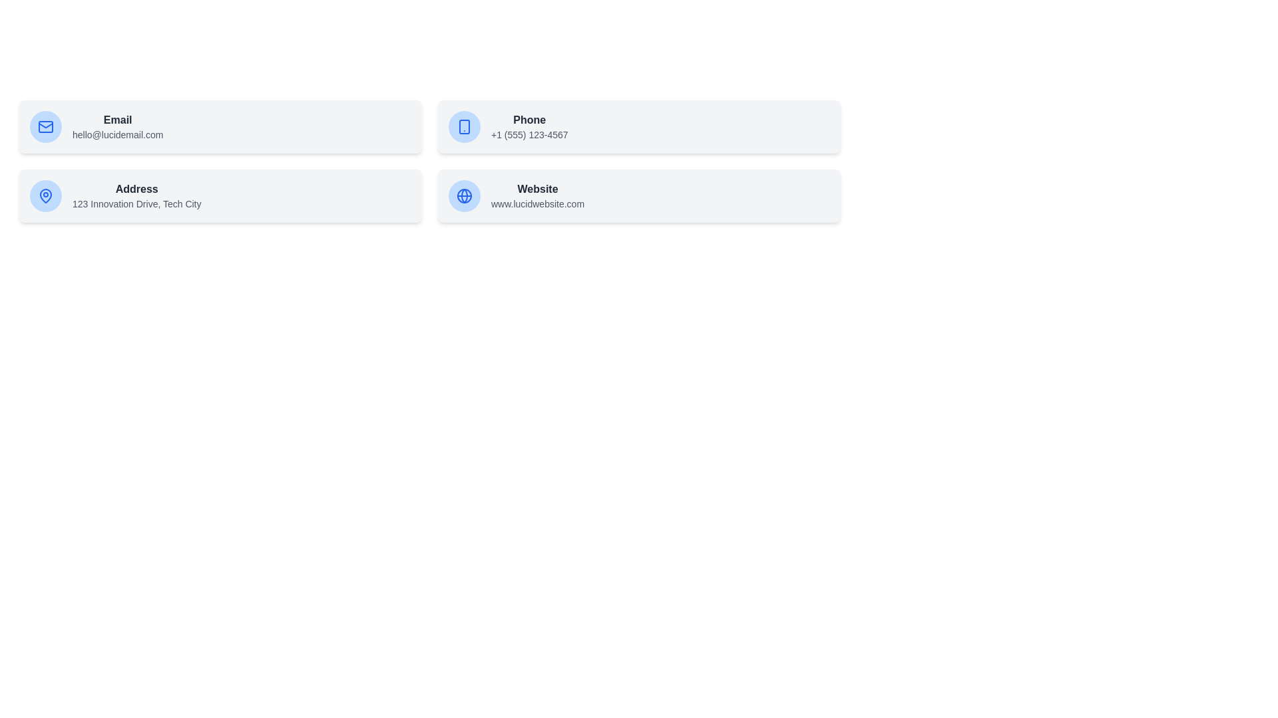  I want to click on the blue map pin icon located in the second row of the grid, associated with the 'Address' information, so click(45, 195).